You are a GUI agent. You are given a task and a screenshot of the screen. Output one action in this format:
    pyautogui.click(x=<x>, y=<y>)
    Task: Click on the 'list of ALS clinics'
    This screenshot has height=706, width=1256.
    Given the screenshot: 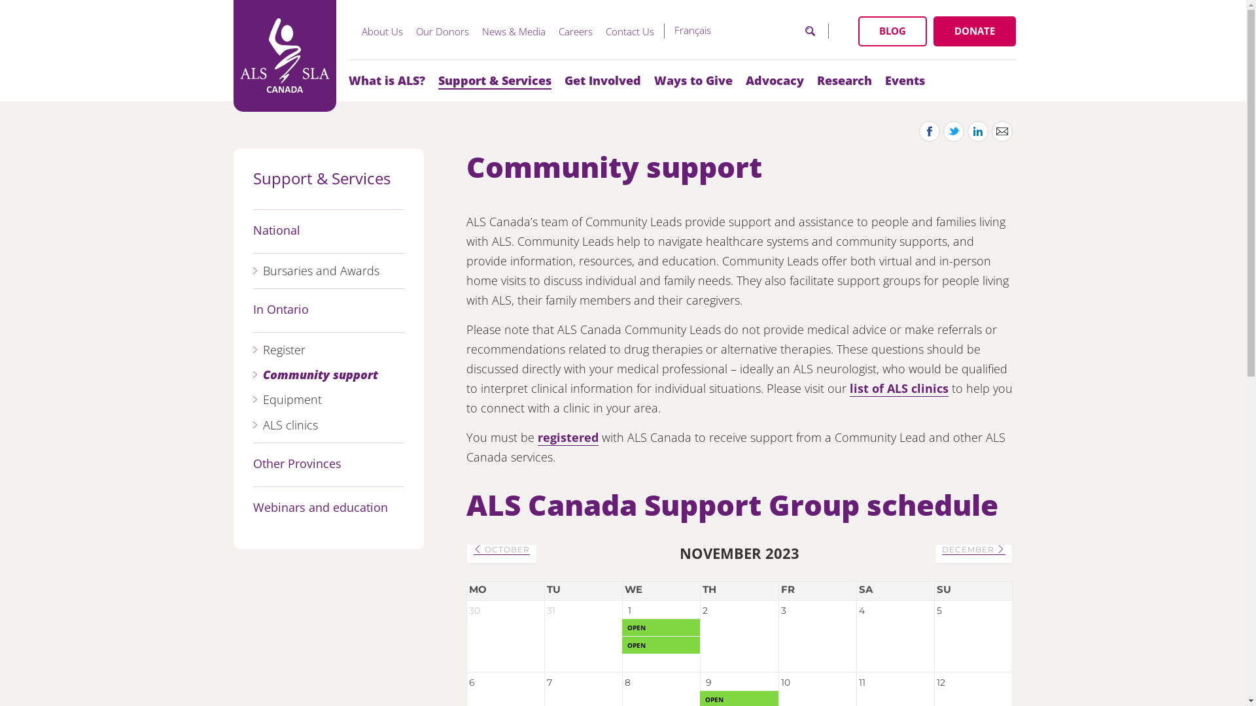 What is the action you would take?
    pyautogui.click(x=898, y=388)
    